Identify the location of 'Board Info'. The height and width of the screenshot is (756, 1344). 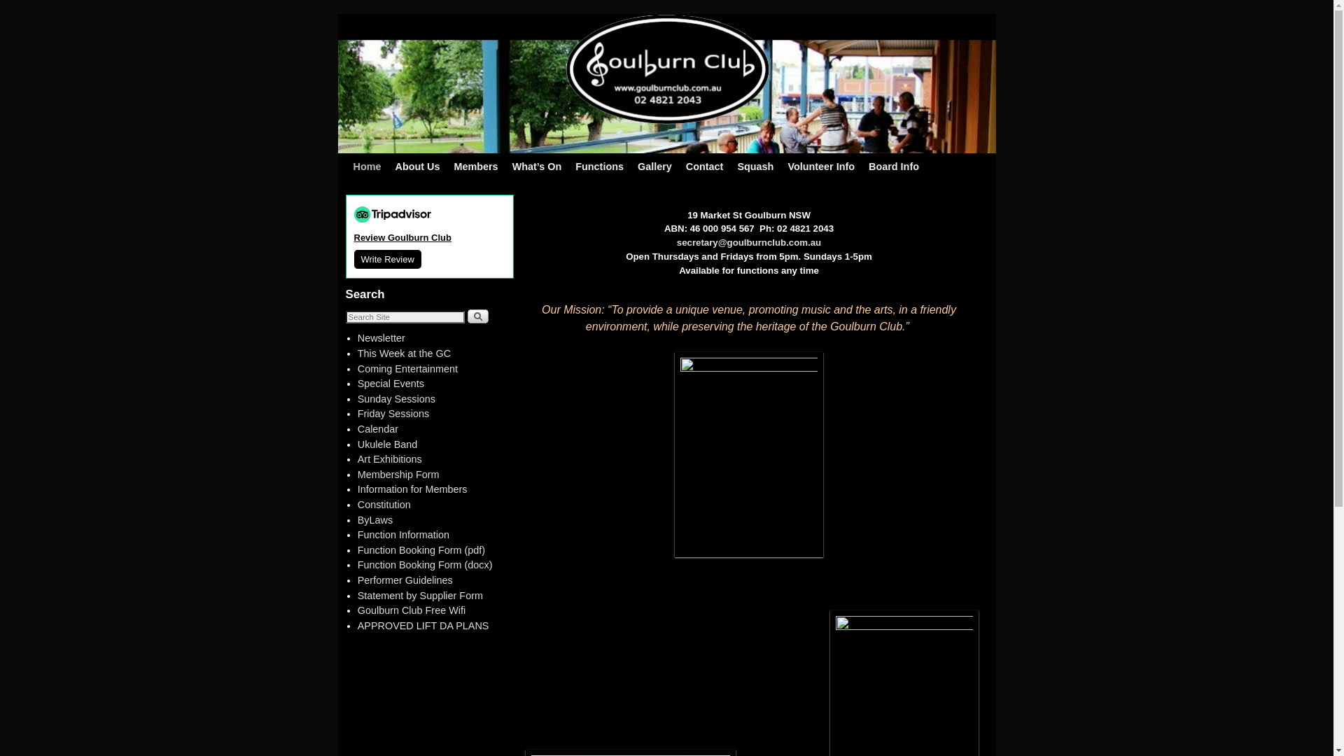
(892, 166).